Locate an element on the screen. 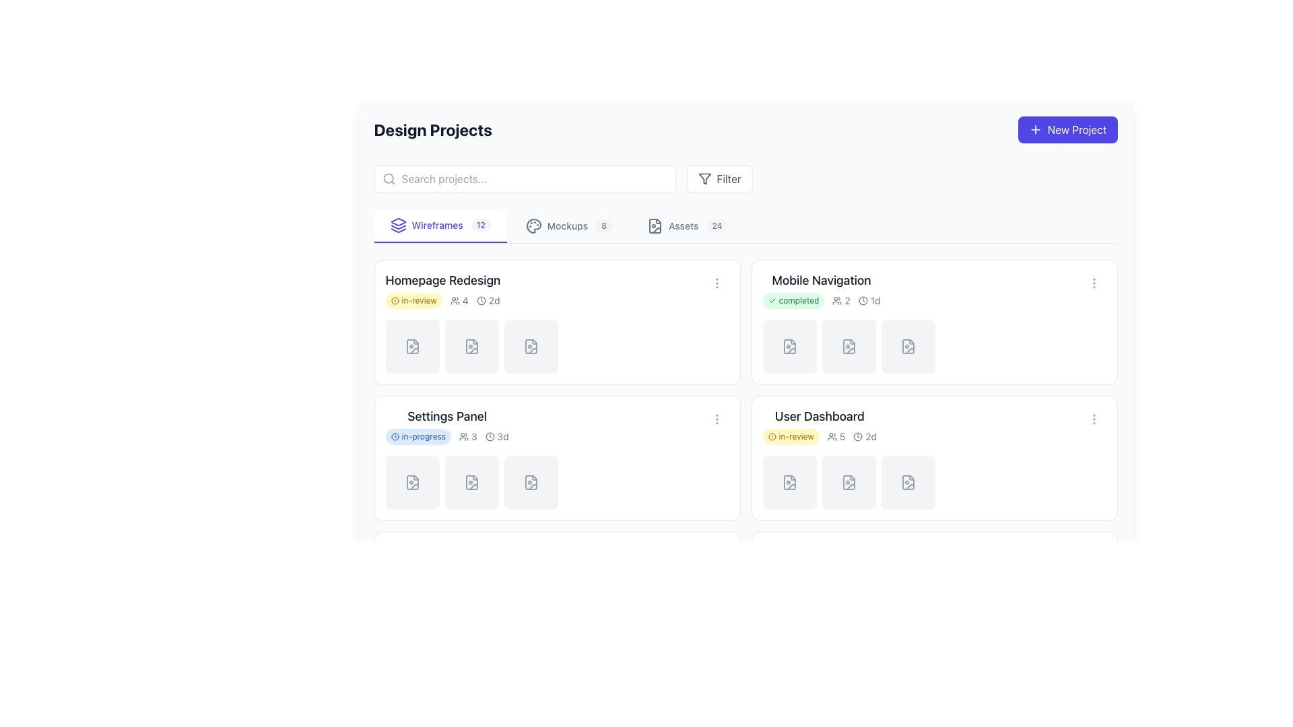 This screenshot has height=727, width=1293. the project panel titled 'Homepage Redesign' which has a yellow 'in-review' status badge is located at coordinates (557, 289).